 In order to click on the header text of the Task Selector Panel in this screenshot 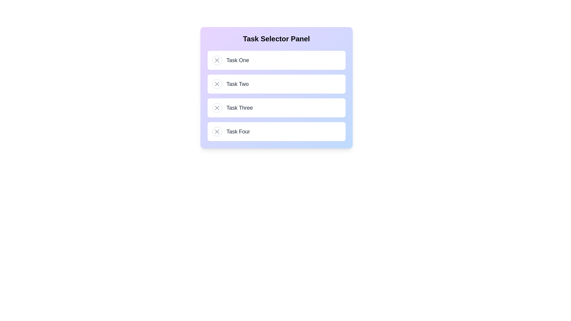, I will do `click(276, 39)`.